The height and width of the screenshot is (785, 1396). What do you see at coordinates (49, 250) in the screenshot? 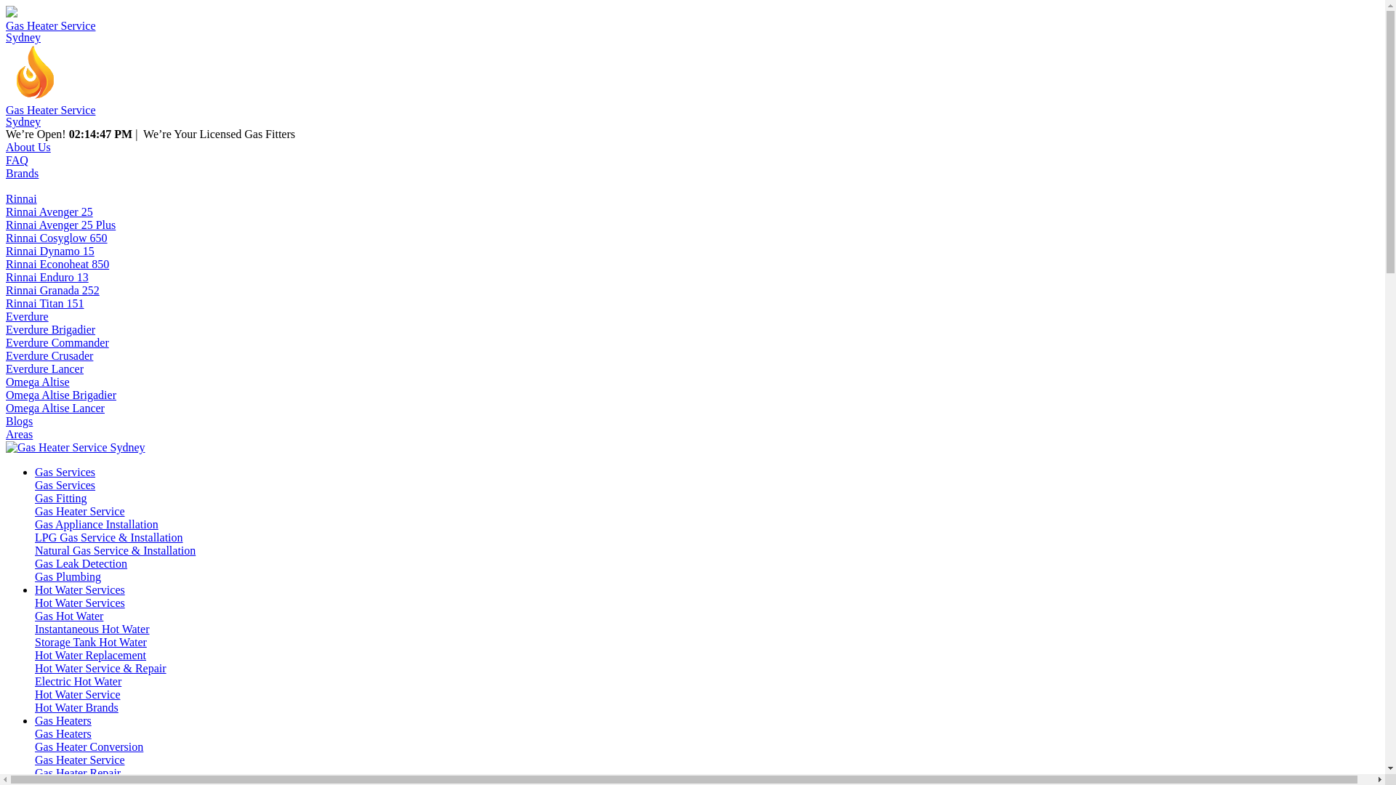
I see `'Rinnai Dynamo 15'` at bounding box center [49, 250].